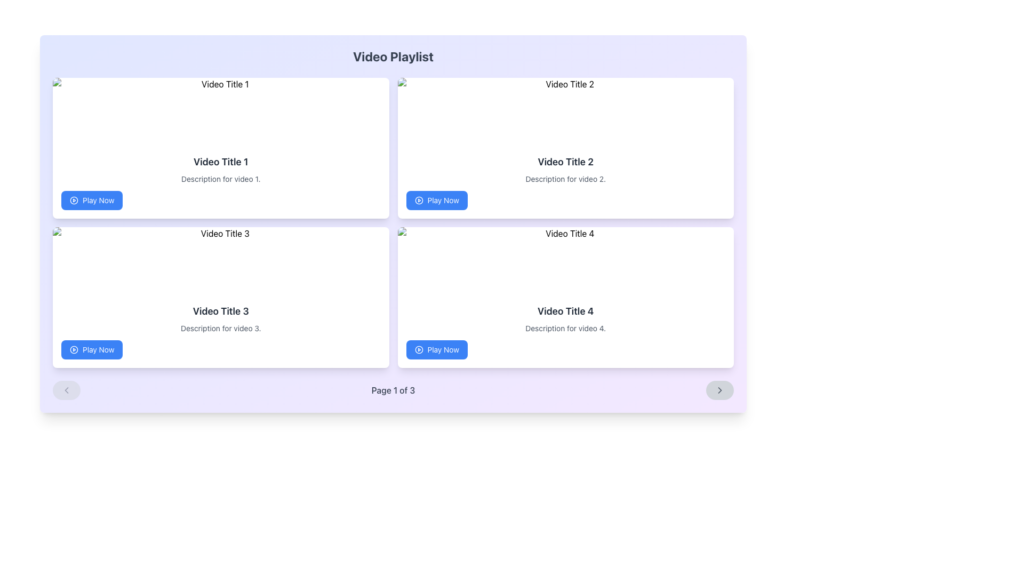 Image resolution: width=1024 pixels, height=576 pixels. Describe the element at coordinates (220, 261) in the screenshot. I see `the thumbnail image for 'Video Title 3'` at that location.